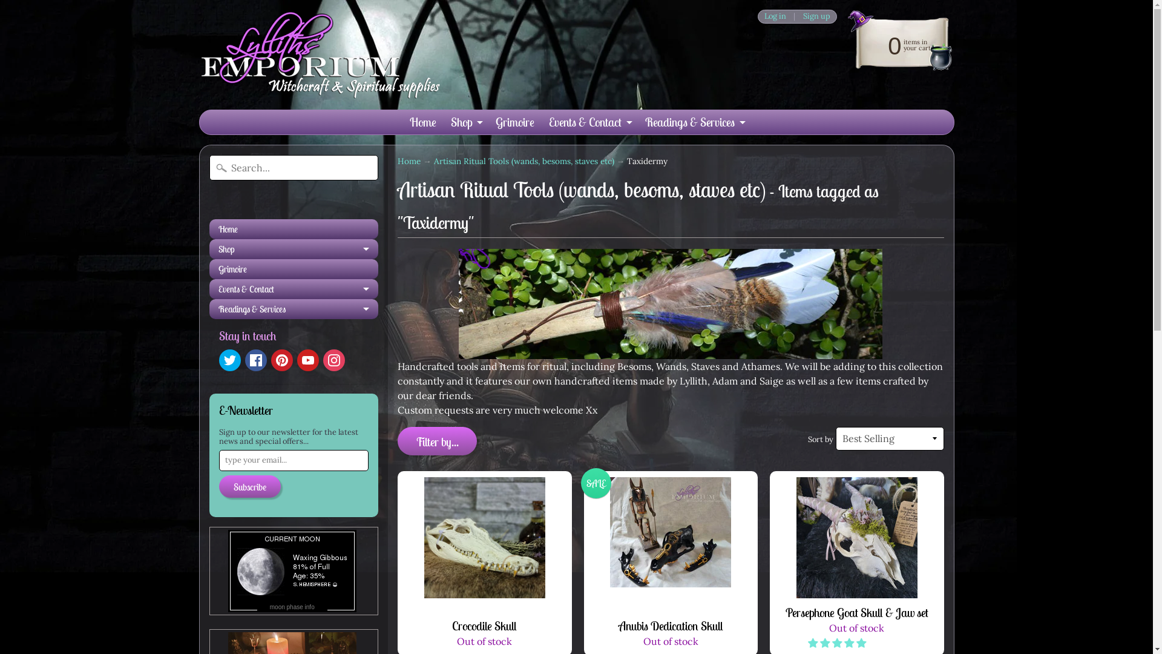  I want to click on '0, so click(836, 44).